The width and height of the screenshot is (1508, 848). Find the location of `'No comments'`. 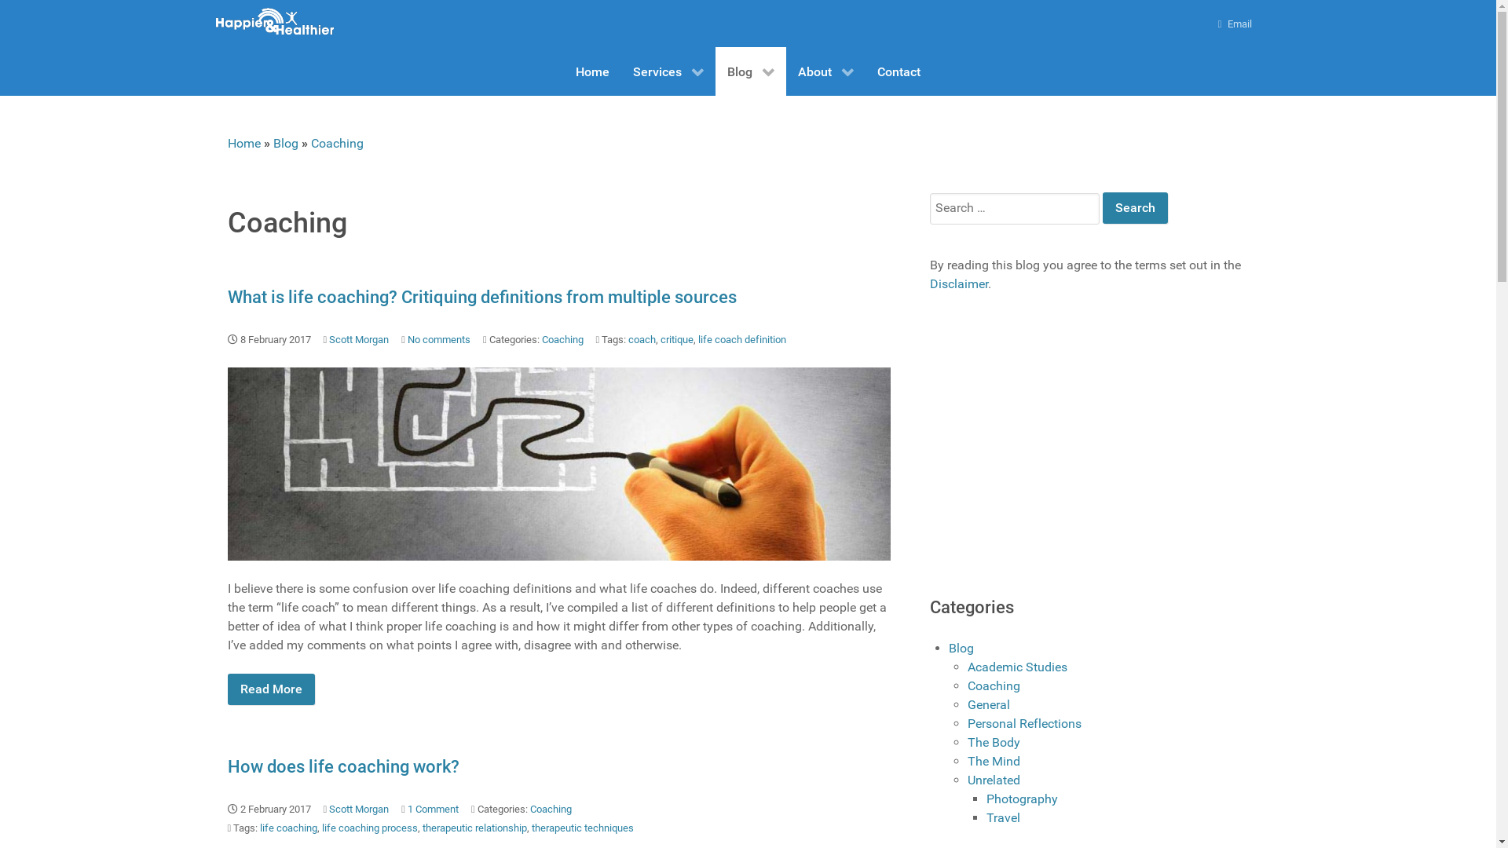

'No comments' is located at coordinates (438, 338).